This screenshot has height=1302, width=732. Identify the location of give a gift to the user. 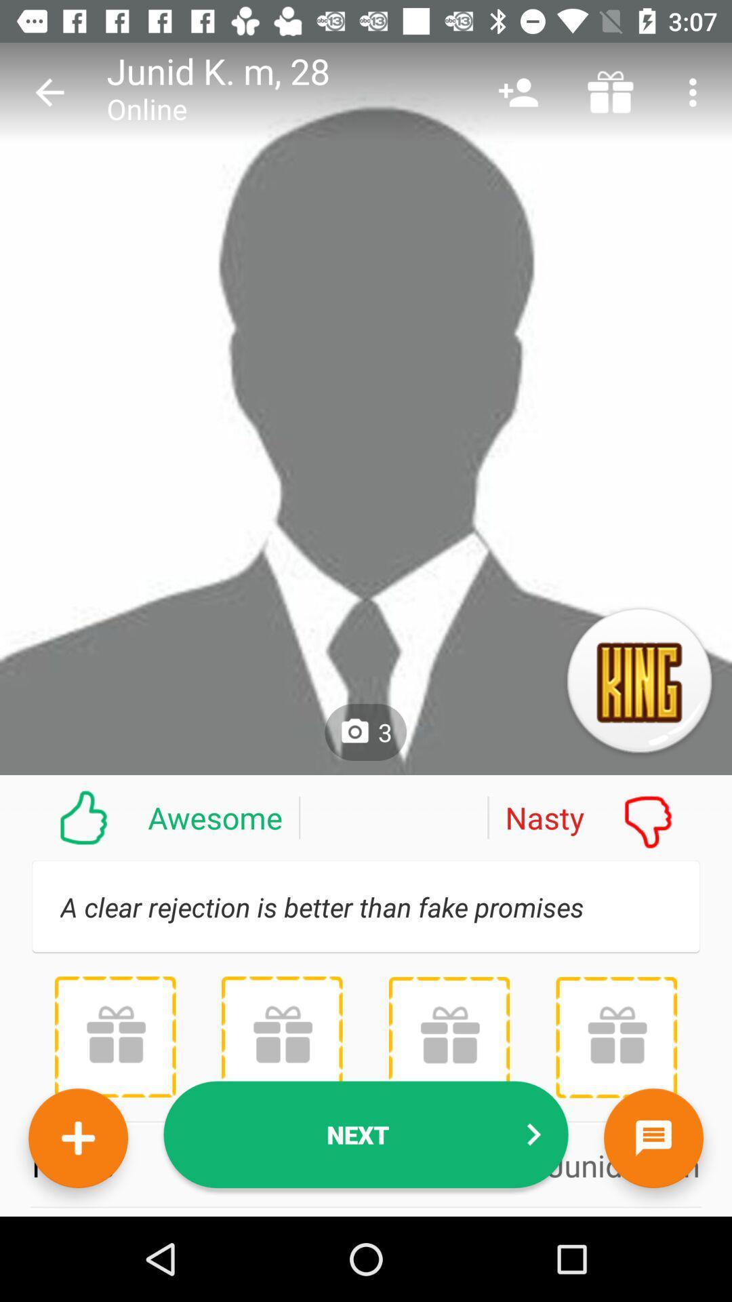
(115, 1036).